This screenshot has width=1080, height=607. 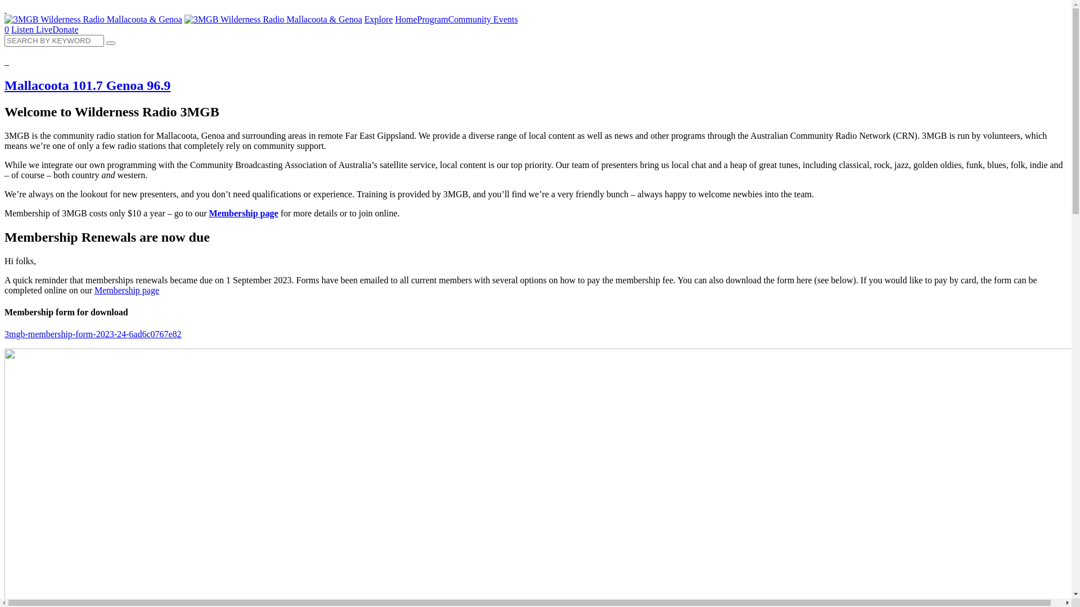 What do you see at coordinates (93, 333) in the screenshot?
I see `'3mgb-membership-form-2023-24-6ad6c0767e82'` at bounding box center [93, 333].